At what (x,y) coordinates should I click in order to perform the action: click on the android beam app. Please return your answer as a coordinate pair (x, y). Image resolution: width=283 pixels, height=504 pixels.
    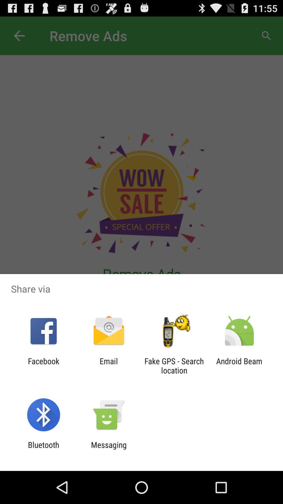
    Looking at the image, I should click on (239, 365).